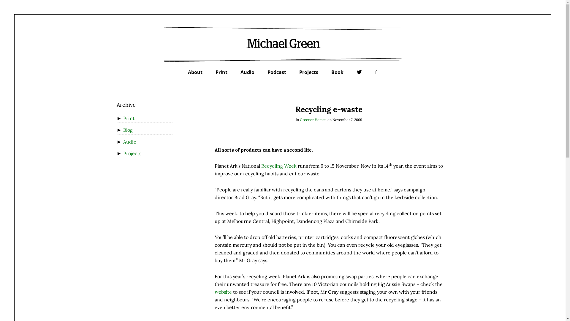 The width and height of the screenshot is (570, 321). What do you see at coordinates (222, 292) in the screenshot?
I see `'website'` at bounding box center [222, 292].